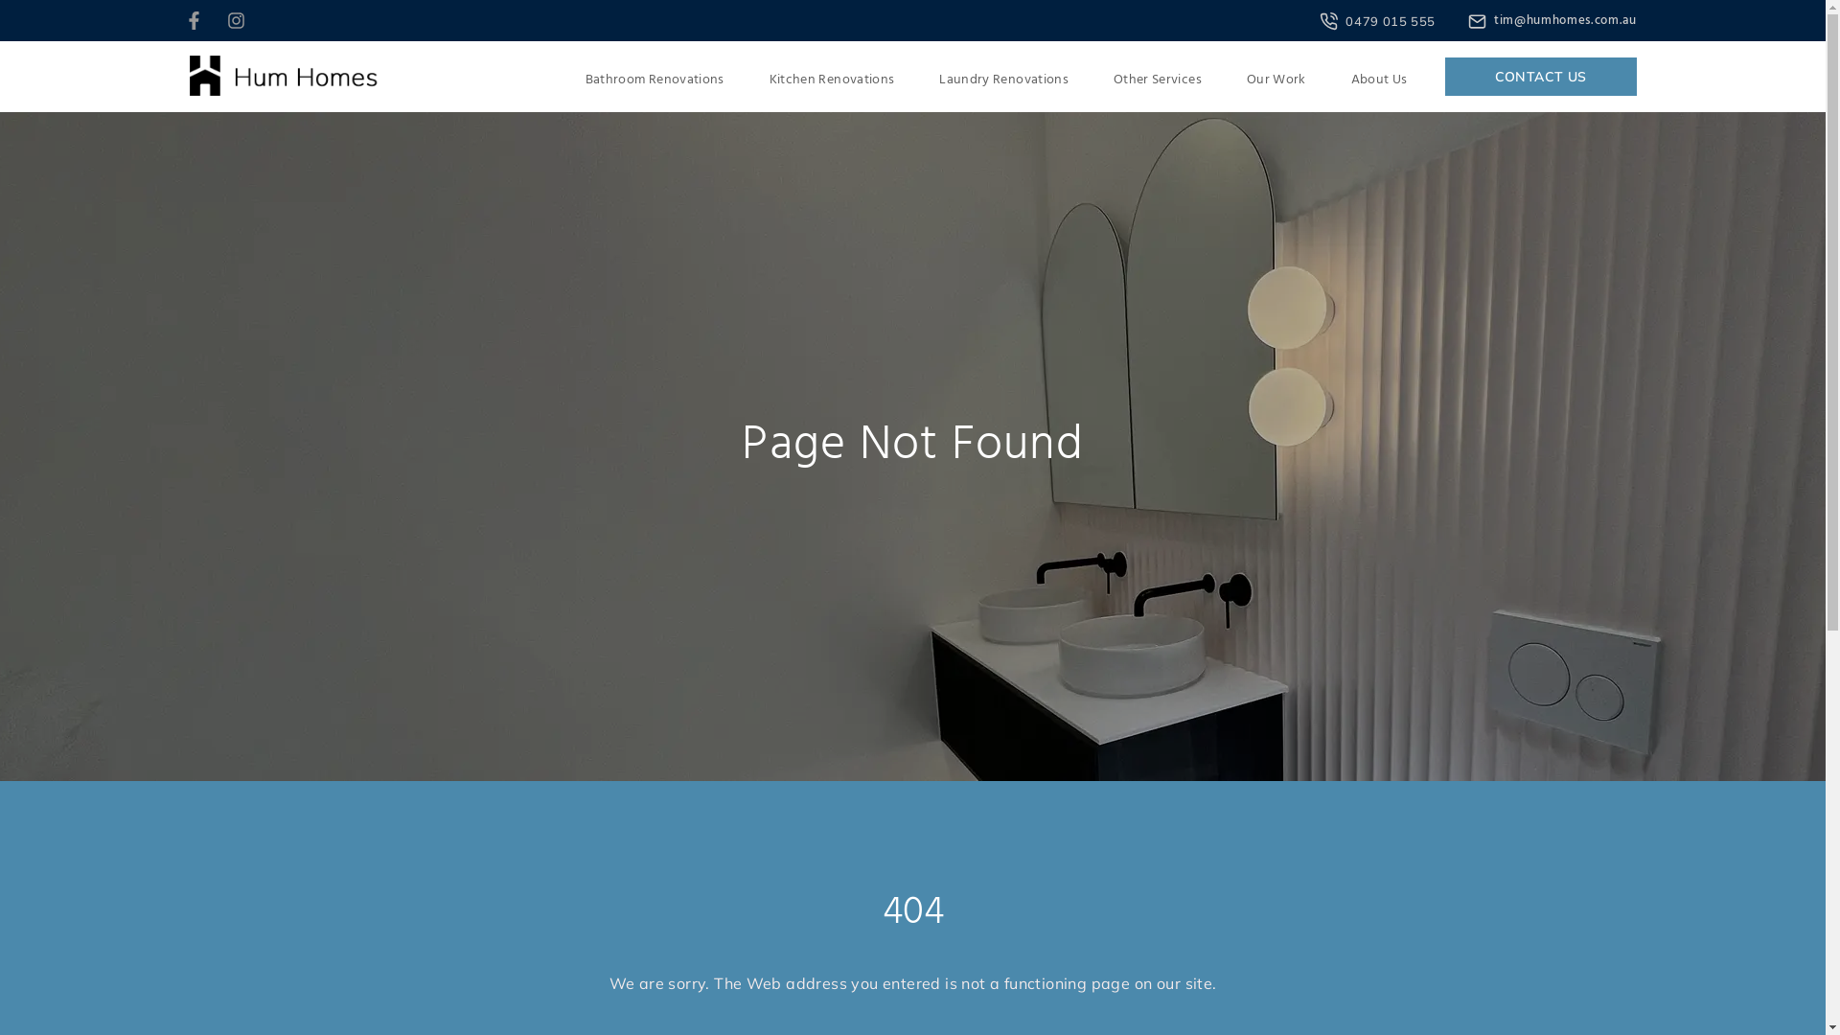 The image size is (1840, 1035). What do you see at coordinates (1378, 80) in the screenshot?
I see `'About Us'` at bounding box center [1378, 80].